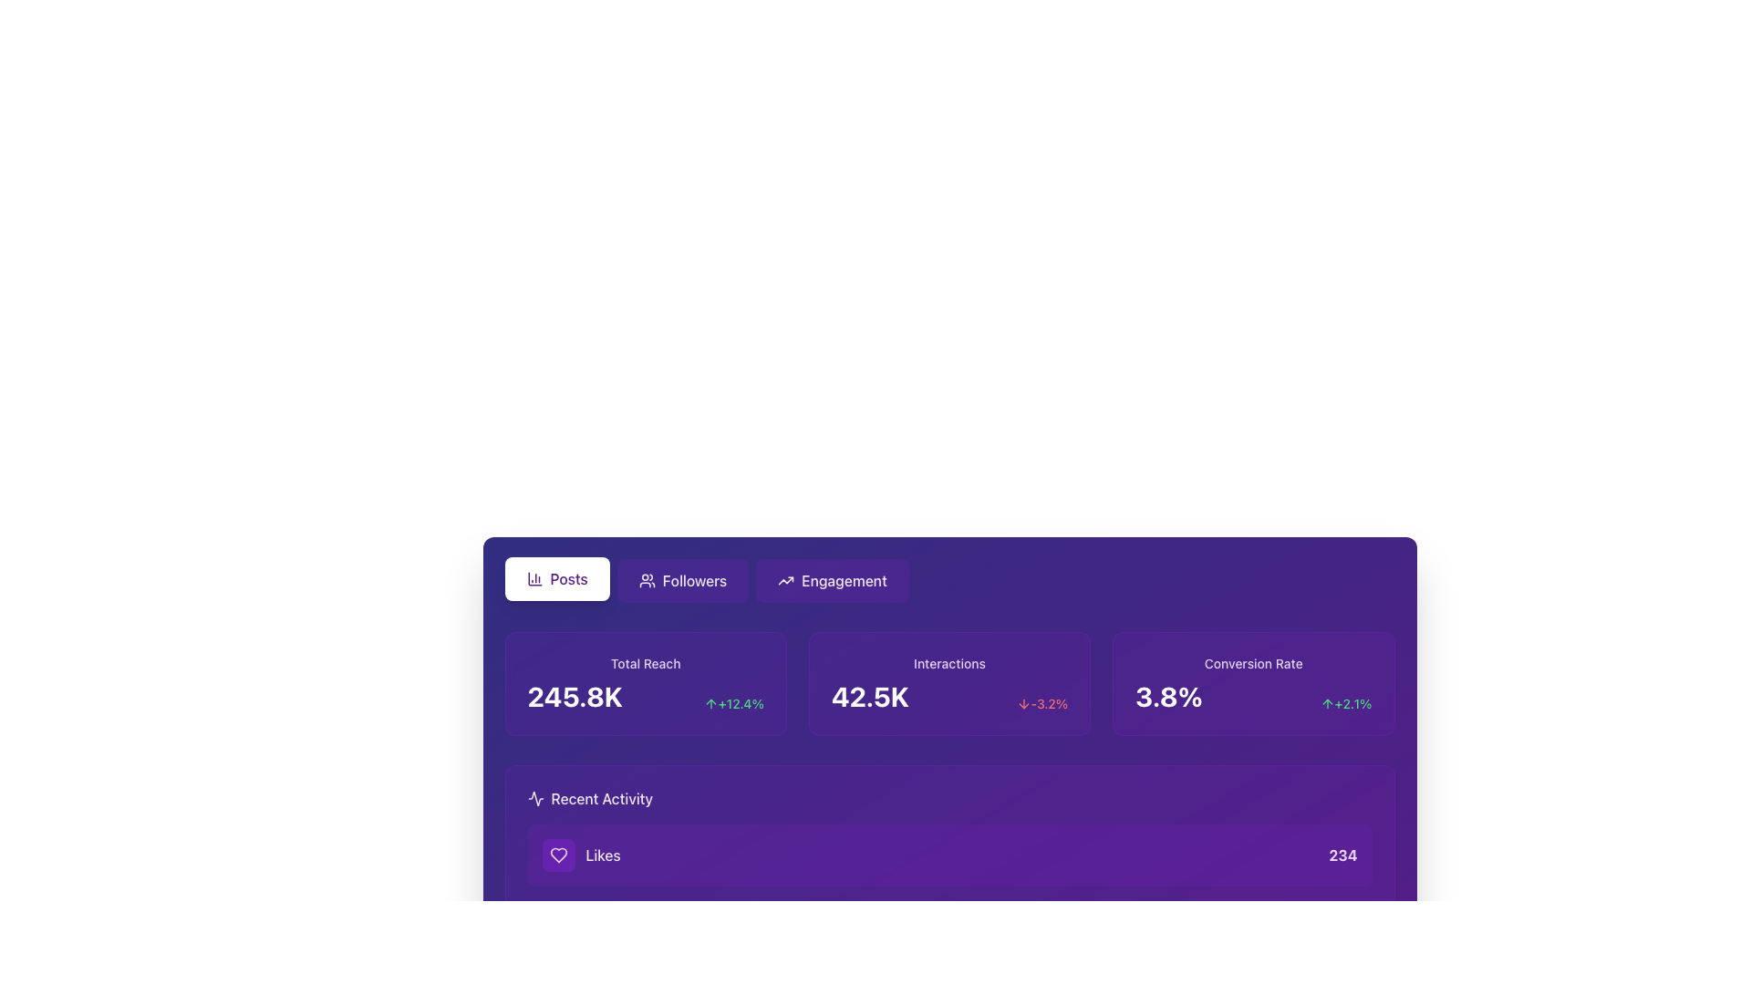 Image resolution: width=1751 pixels, height=985 pixels. What do you see at coordinates (647, 580) in the screenshot?
I see `the 'Followers' button, which is the second button from the left in a row of three buttons` at bounding box center [647, 580].